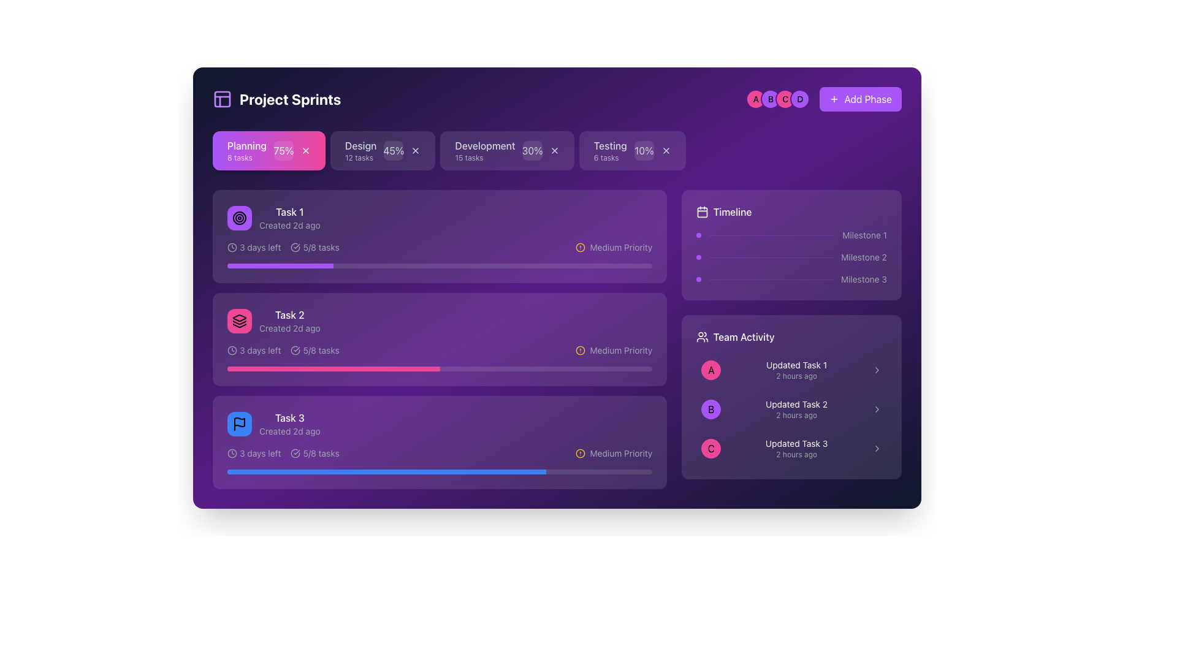  Describe the element at coordinates (239, 217) in the screenshot. I see `the first circular icon in the task list located left of the text 'Task 1'` at that location.